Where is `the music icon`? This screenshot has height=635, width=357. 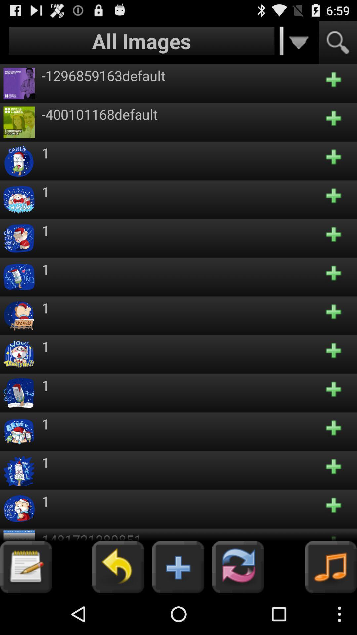 the music icon is located at coordinates (331, 607).